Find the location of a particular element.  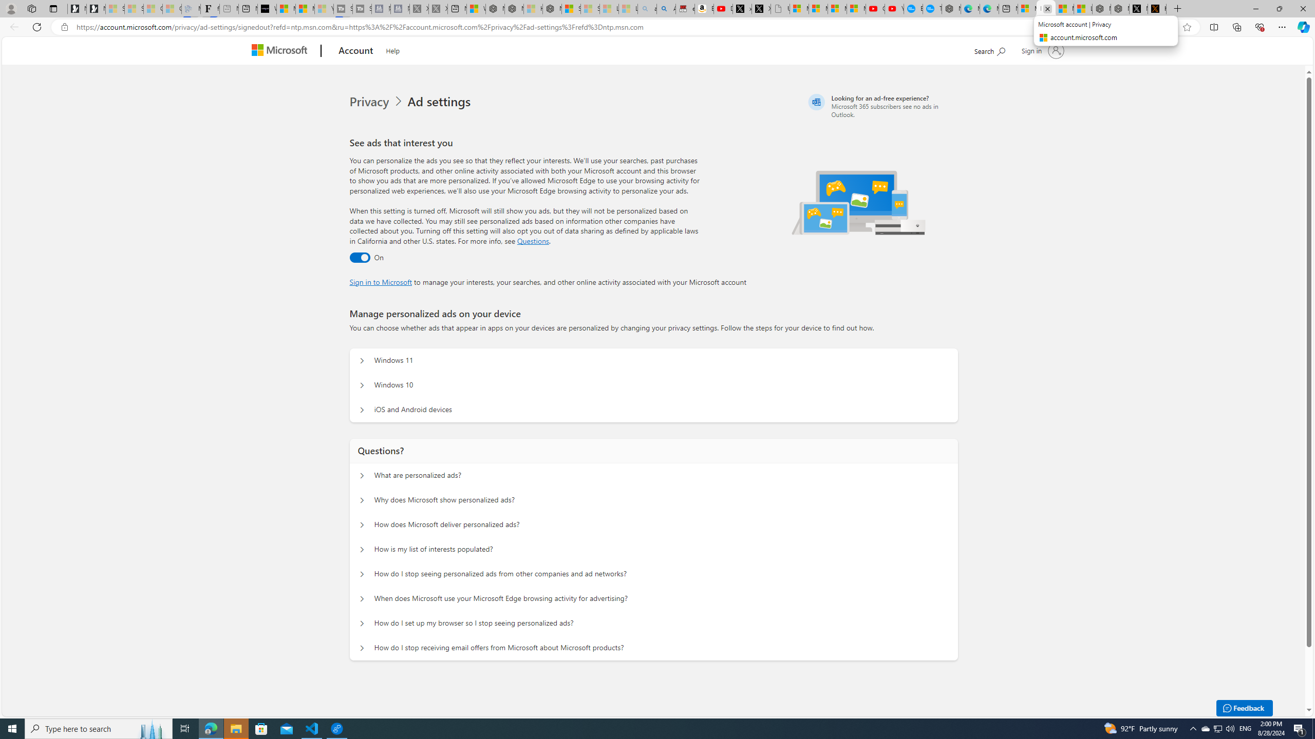

'Microsoft' is located at coordinates (282, 51).